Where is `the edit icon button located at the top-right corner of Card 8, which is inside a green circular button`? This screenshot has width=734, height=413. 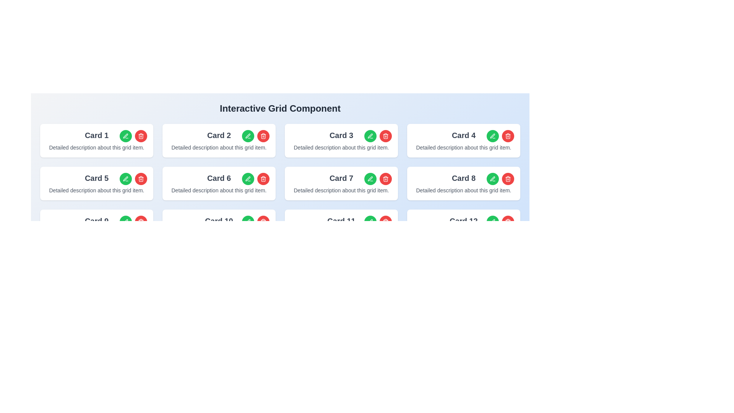
the edit icon button located at the top-right corner of Card 8, which is inside a green circular button is located at coordinates (493, 179).